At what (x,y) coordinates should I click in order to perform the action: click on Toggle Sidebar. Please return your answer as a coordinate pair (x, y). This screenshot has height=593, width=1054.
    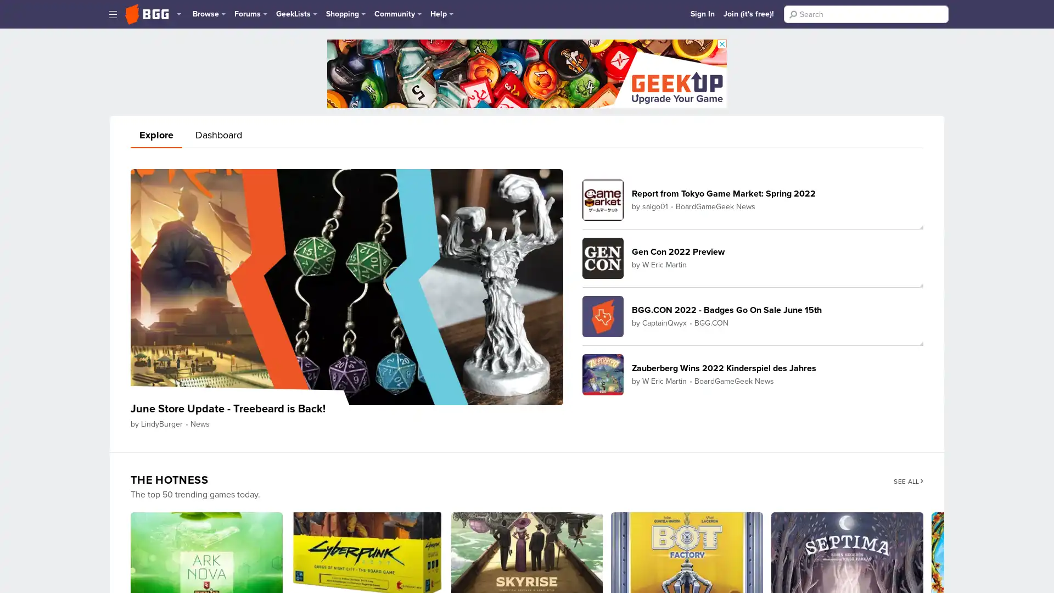
    Looking at the image, I should click on (113, 14).